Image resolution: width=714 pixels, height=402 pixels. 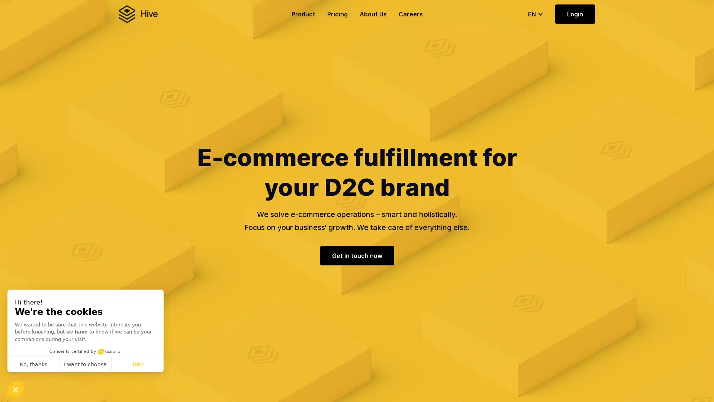 I want to click on Consents certified by, so click(x=85, y=351).